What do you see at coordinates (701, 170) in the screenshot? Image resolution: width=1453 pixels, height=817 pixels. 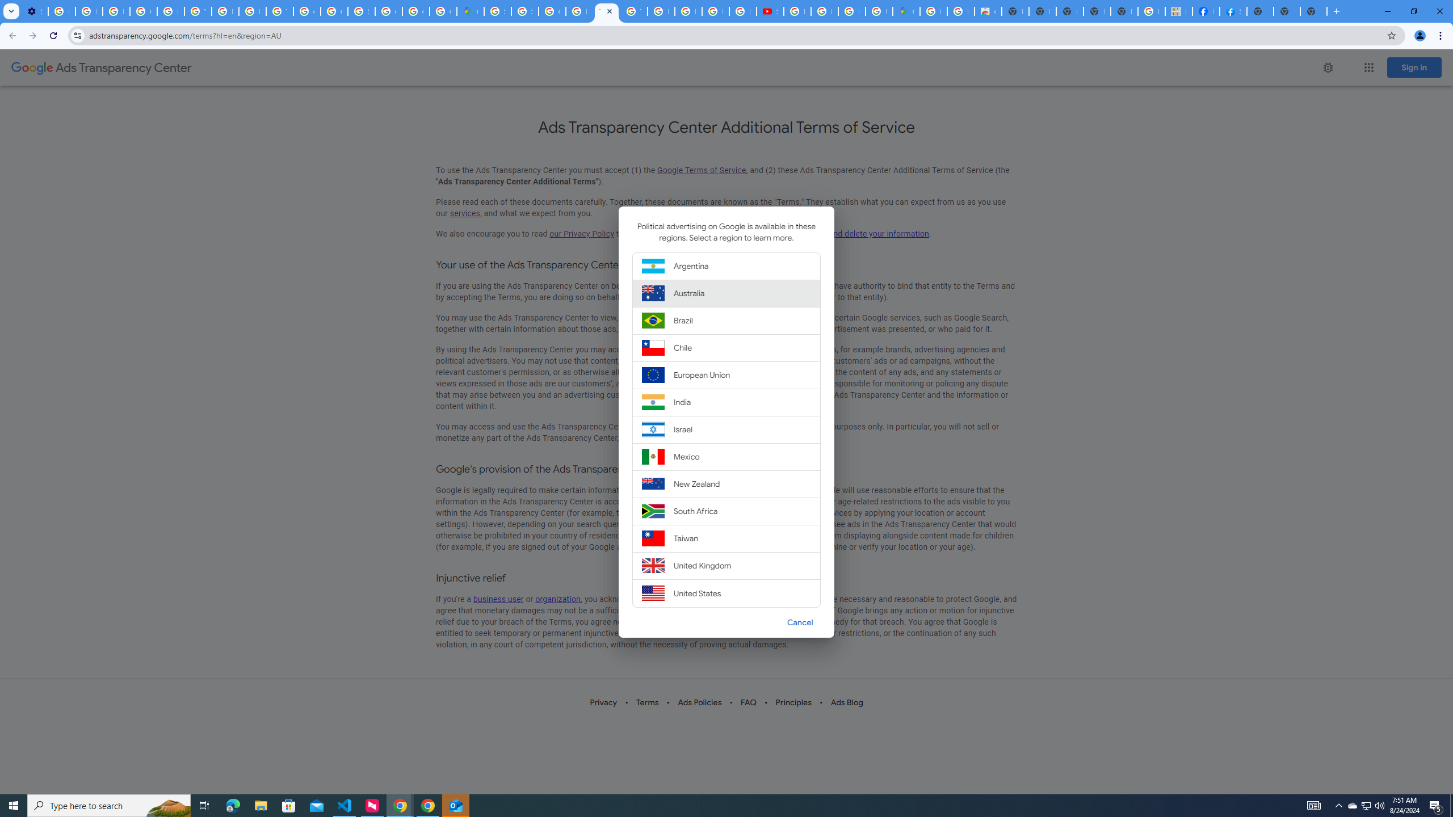 I see `'Google Terms of Service'` at bounding box center [701, 170].